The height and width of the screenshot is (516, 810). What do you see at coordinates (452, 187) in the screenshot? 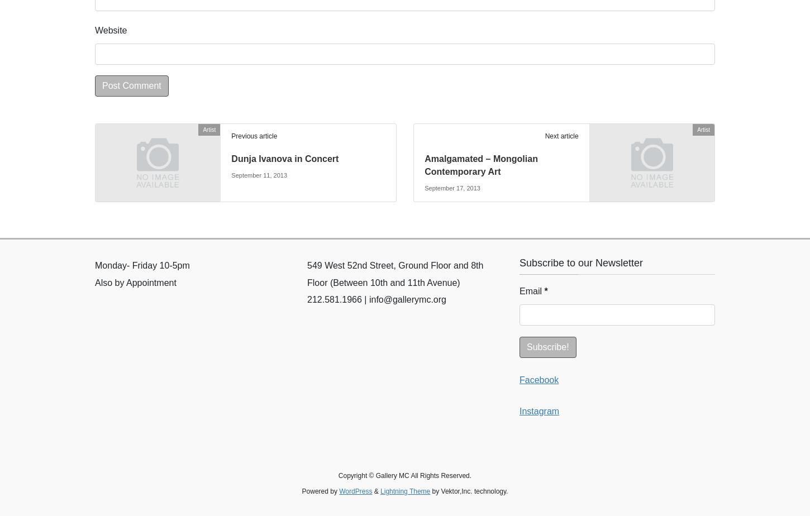
I see `'September 17, 2013'` at bounding box center [452, 187].